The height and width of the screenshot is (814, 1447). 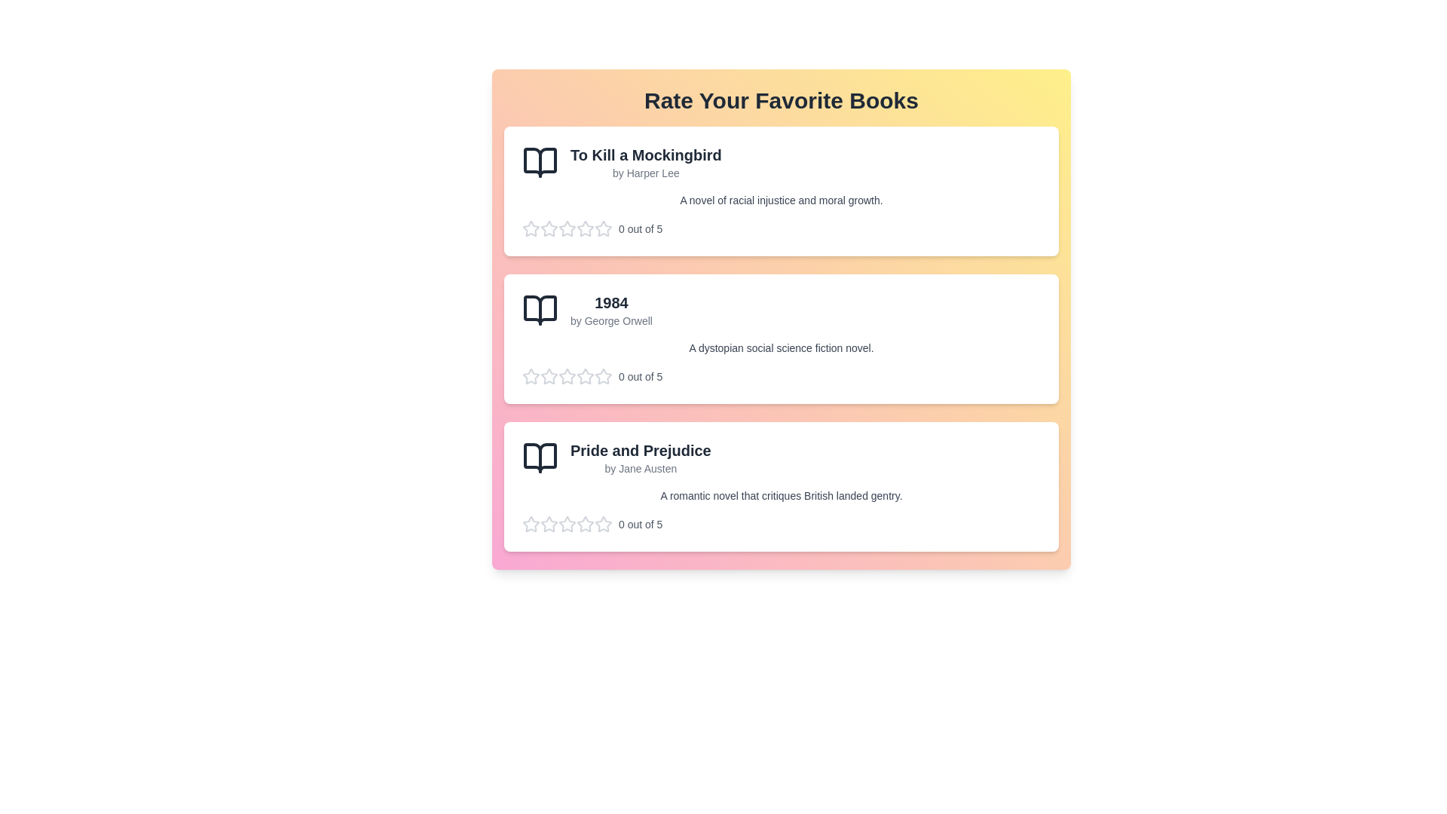 What do you see at coordinates (549, 228) in the screenshot?
I see `the first star in the rating system to indicate a rating of 1 out of 5 for the book 'To Kill a Mockingbird' by Harper Lee` at bounding box center [549, 228].